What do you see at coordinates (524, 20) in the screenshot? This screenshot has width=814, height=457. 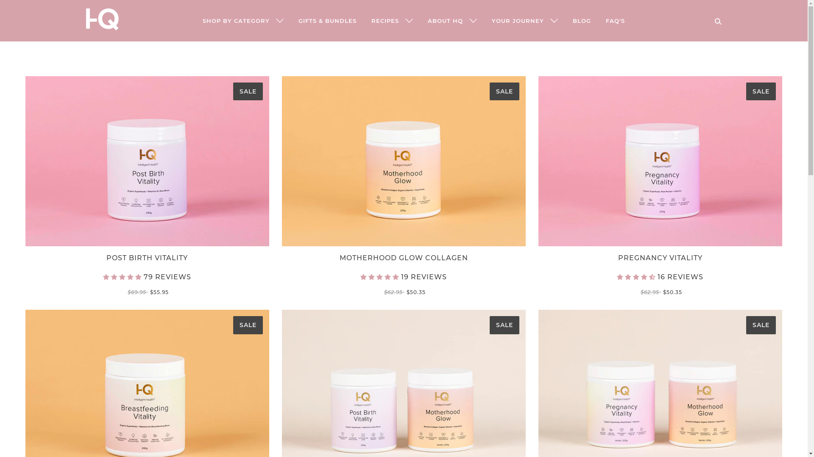 I see `'YOUR JOURNEY'` at bounding box center [524, 20].